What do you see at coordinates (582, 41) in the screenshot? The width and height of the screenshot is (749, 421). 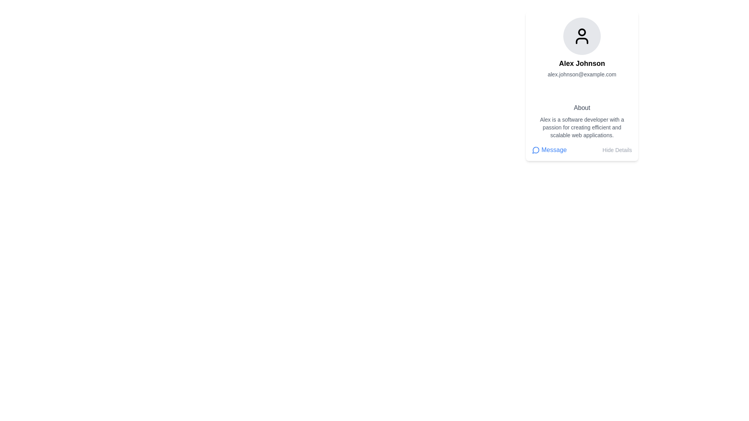 I see `the curved line resembling the lower half of a user icon's body, part of an outlined avatar illustration, located at the center of the profile card` at bounding box center [582, 41].